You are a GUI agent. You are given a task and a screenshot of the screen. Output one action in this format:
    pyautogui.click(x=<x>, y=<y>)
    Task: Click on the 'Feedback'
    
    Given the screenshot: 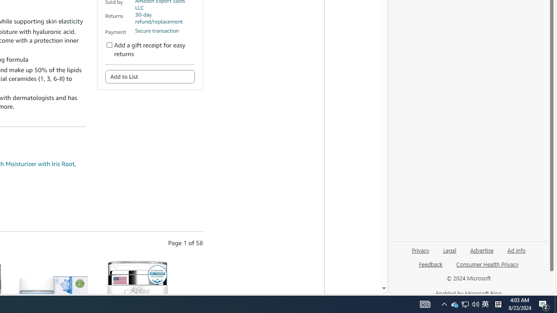 What is the action you would take?
    pyautogui.click(x=430, y=267)
    